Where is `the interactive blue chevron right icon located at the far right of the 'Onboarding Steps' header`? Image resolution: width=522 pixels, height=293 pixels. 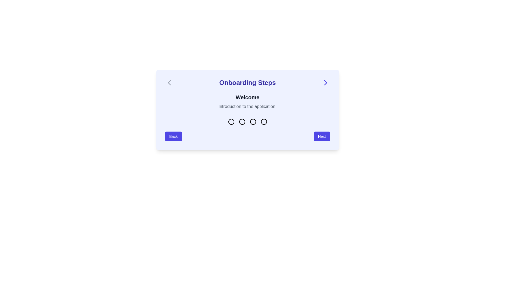
the interactive blue chevron right icon located at the far right of the 'Onboarding Steps' header is located at coordinates (326, 82).